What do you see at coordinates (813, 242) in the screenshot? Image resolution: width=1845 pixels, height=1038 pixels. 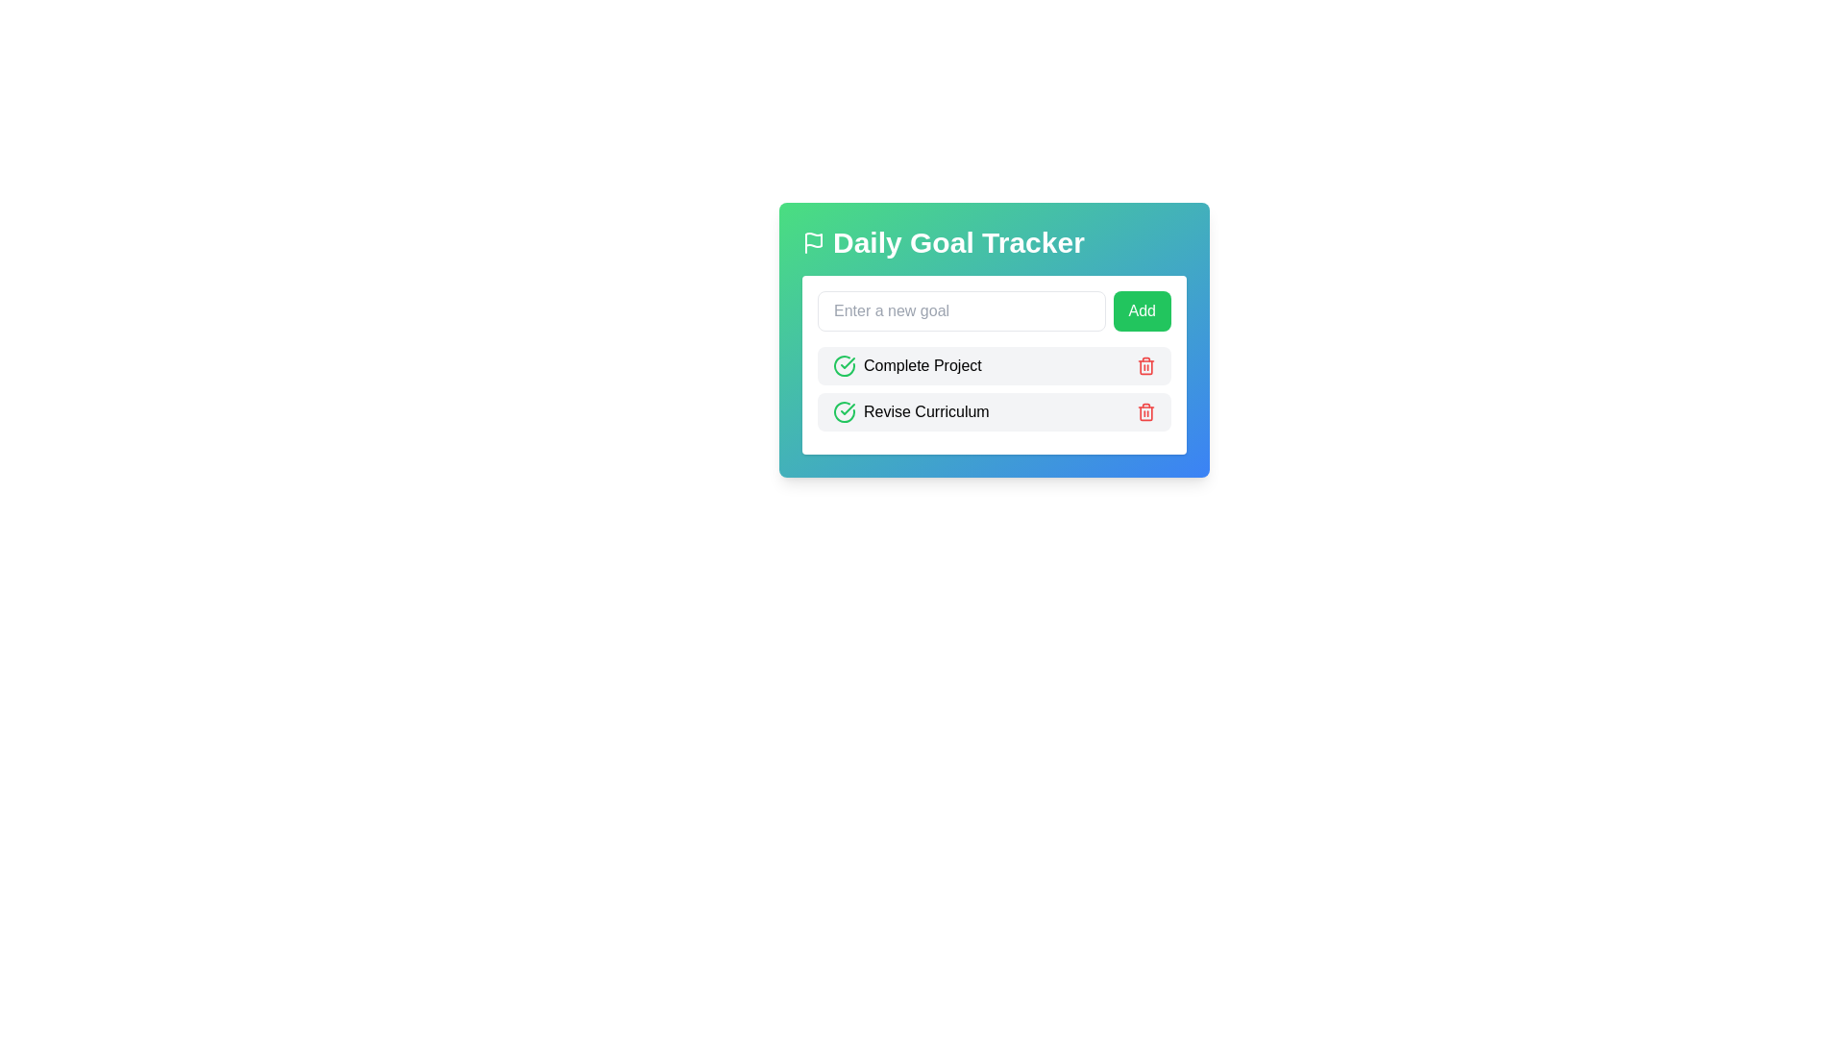 I see `the flag icon located to the left of the text 'Daily Goal Tracker', which has a wavy design and is outlined by a thin stroke` at bounding box center [813, 242].